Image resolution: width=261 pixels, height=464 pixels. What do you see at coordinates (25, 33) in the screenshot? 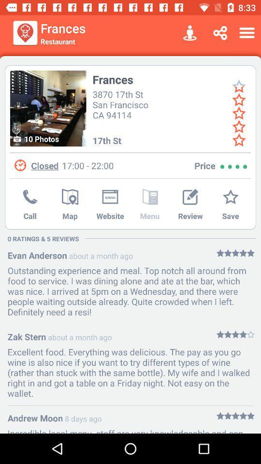
I see `item next to frances icon` at bounding box center [25, 33].